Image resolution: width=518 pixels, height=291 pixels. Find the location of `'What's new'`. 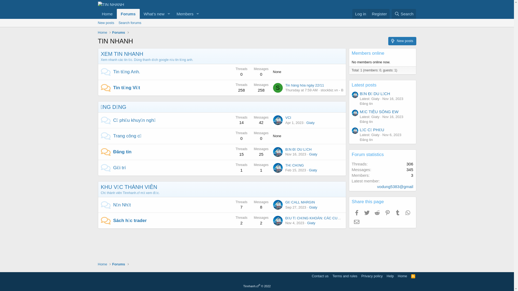

'What's new' is located at coordinates (152, 13).